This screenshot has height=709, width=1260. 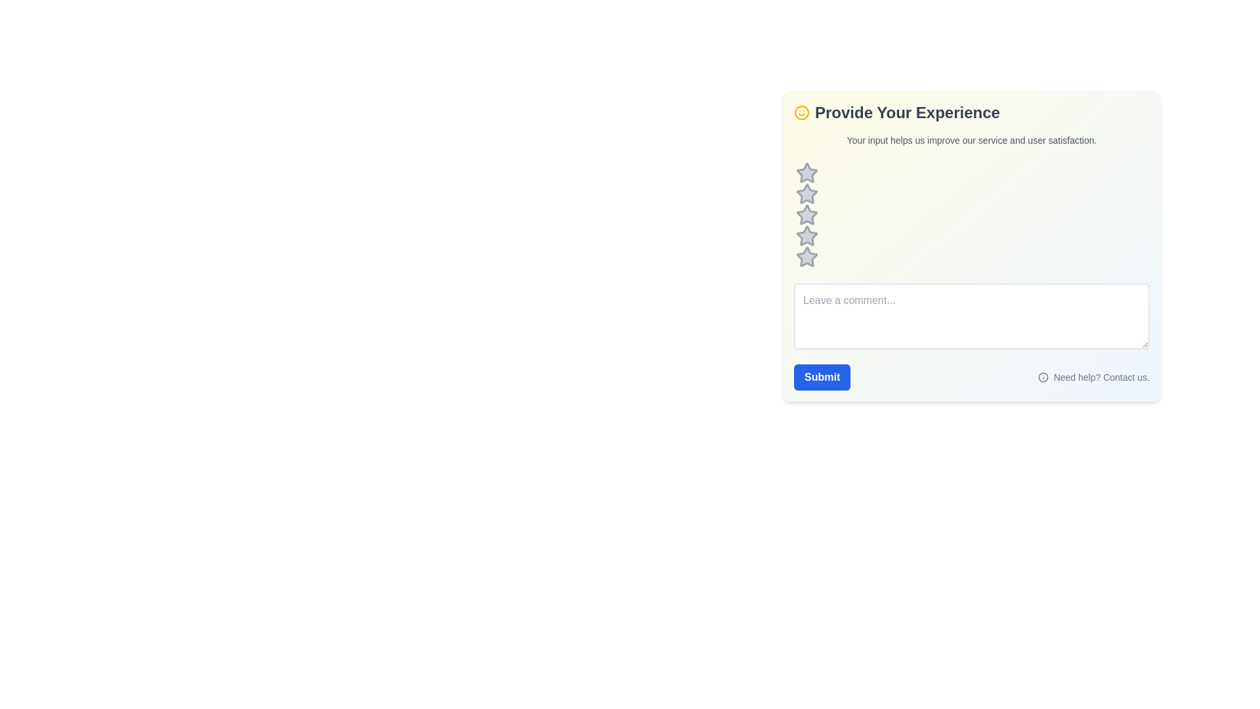 I want to click on the fifth star icon in the vertical rating system to trigger the hover effect, which changes its fill color from gray to yellow, so click(x=806, y=257).